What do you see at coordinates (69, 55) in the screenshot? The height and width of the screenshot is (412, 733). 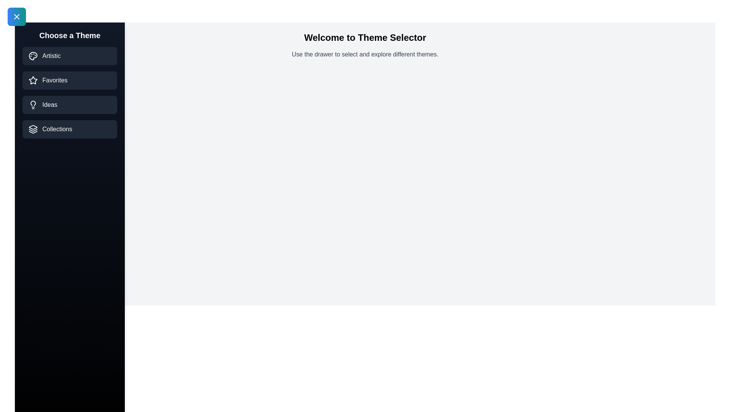 I see `the theme Artistic from the list` at bounding box center [69, 55].